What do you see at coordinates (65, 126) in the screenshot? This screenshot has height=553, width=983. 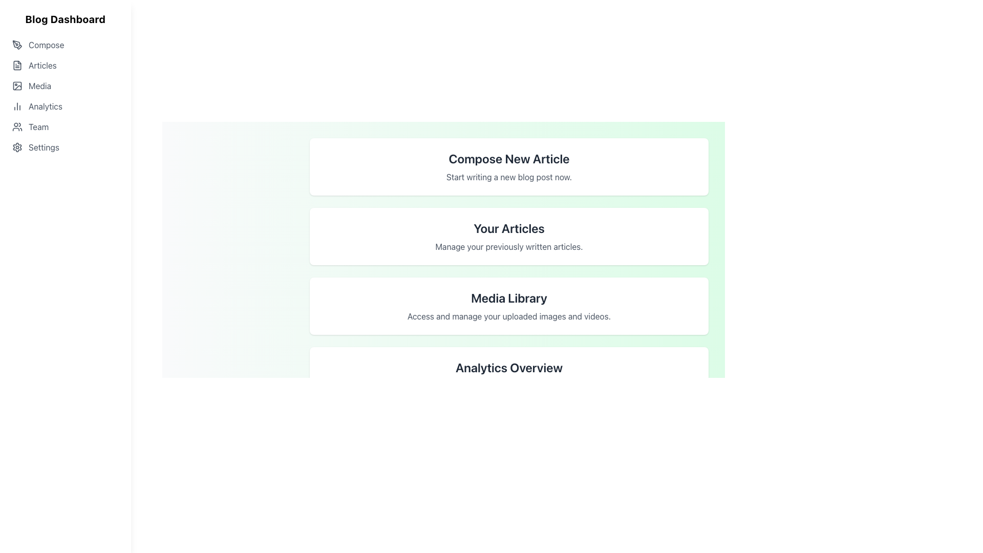 I see `the fifth menu item in the sidebar, which is a navigational link to the 'Team' section of the application, to change its appearance` at bounding box center [65, 126].